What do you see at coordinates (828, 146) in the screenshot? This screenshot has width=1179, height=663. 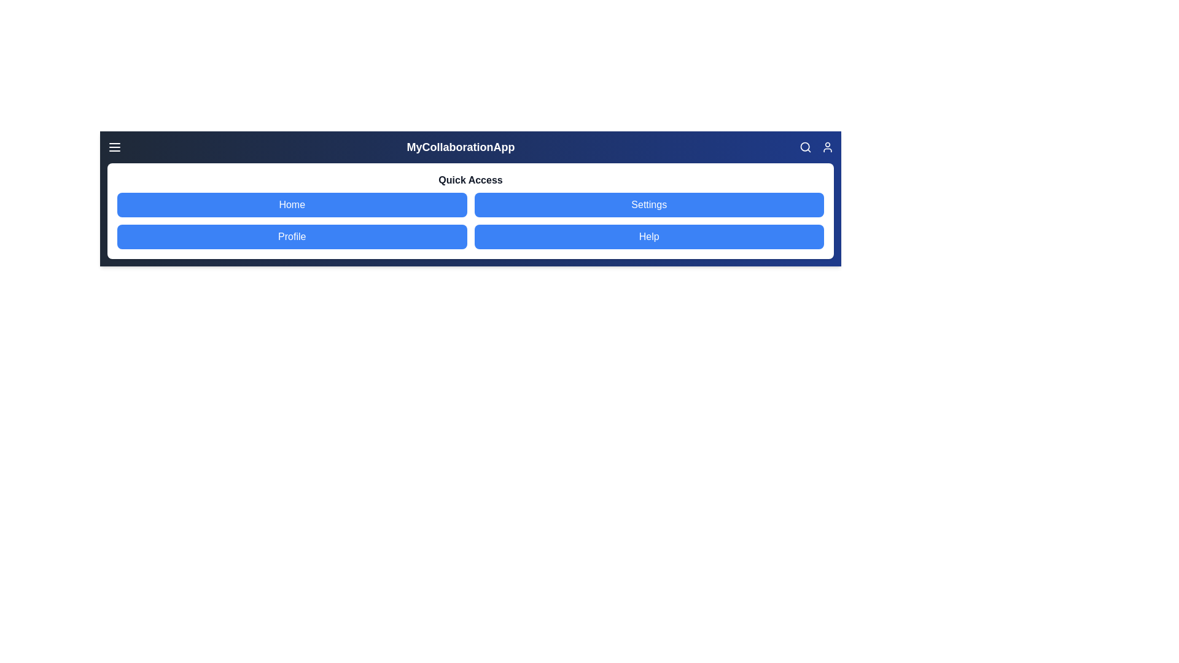 I see `the user profile icon to open the user profile options` at bounding box center [828, 146].